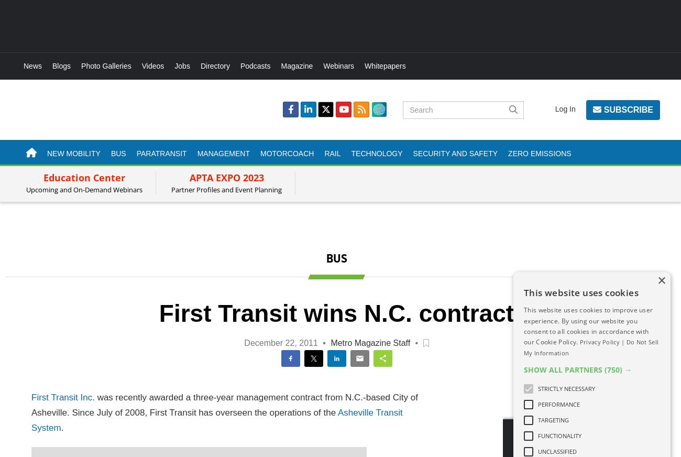 The width and height of the screenshot is (681, 457). I want to click on 'Bookmark +', so click(426, 324).